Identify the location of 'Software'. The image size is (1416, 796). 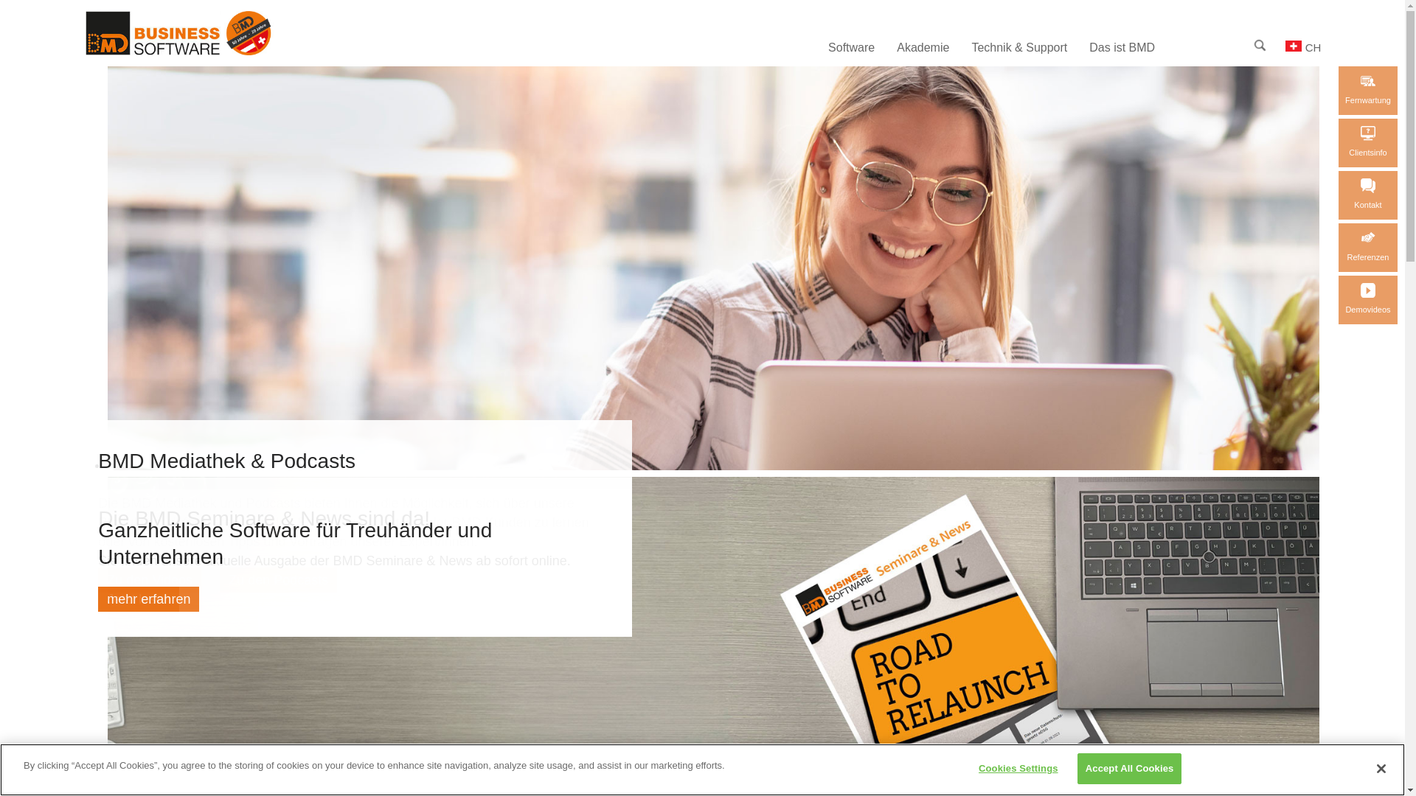
(851, 47).